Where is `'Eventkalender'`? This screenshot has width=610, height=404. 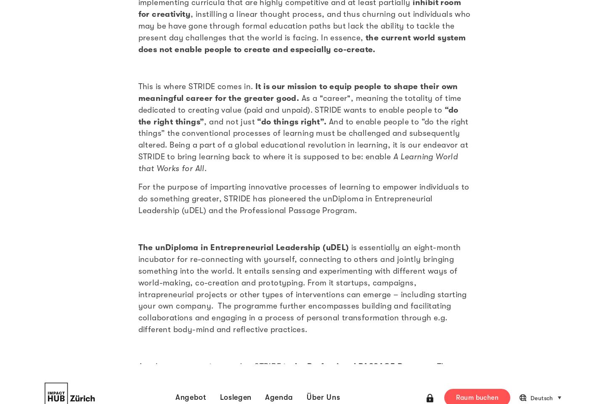 'Eventkalender' is located at coordinates (405, 338).